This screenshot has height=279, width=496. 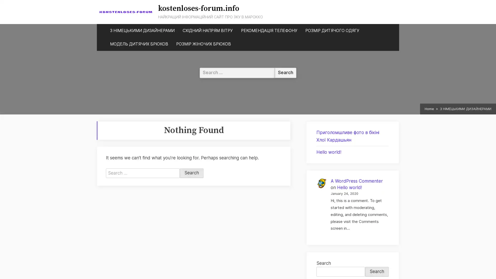 What do you see at coordinates (191, 173) in the screenshot?
I see `Search` at bounding box center [191, 173].